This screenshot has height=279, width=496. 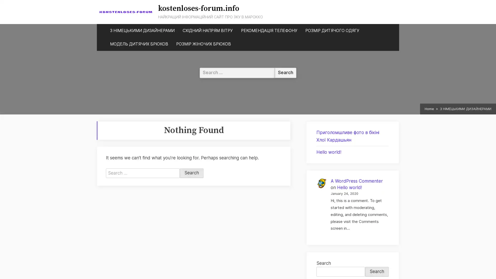 What do you see at coordinates (191, 173) in the screenshot?
I see `Search` at bounding box center [191, 173].